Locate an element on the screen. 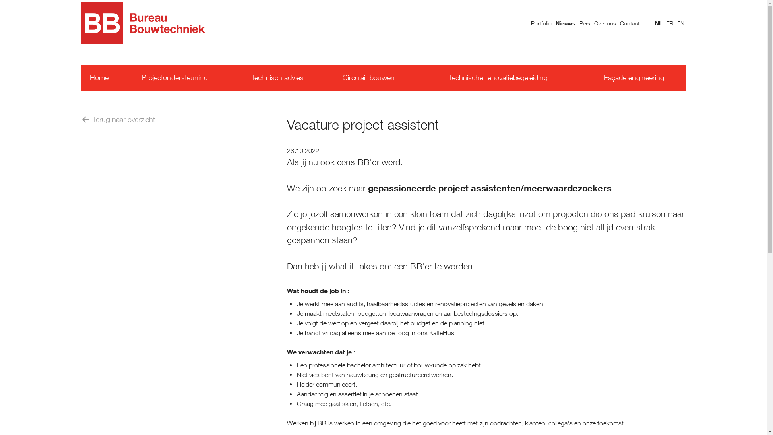 This screenshot has height=435, width=773. 'Over ons' is located at coordinates (605, 23).